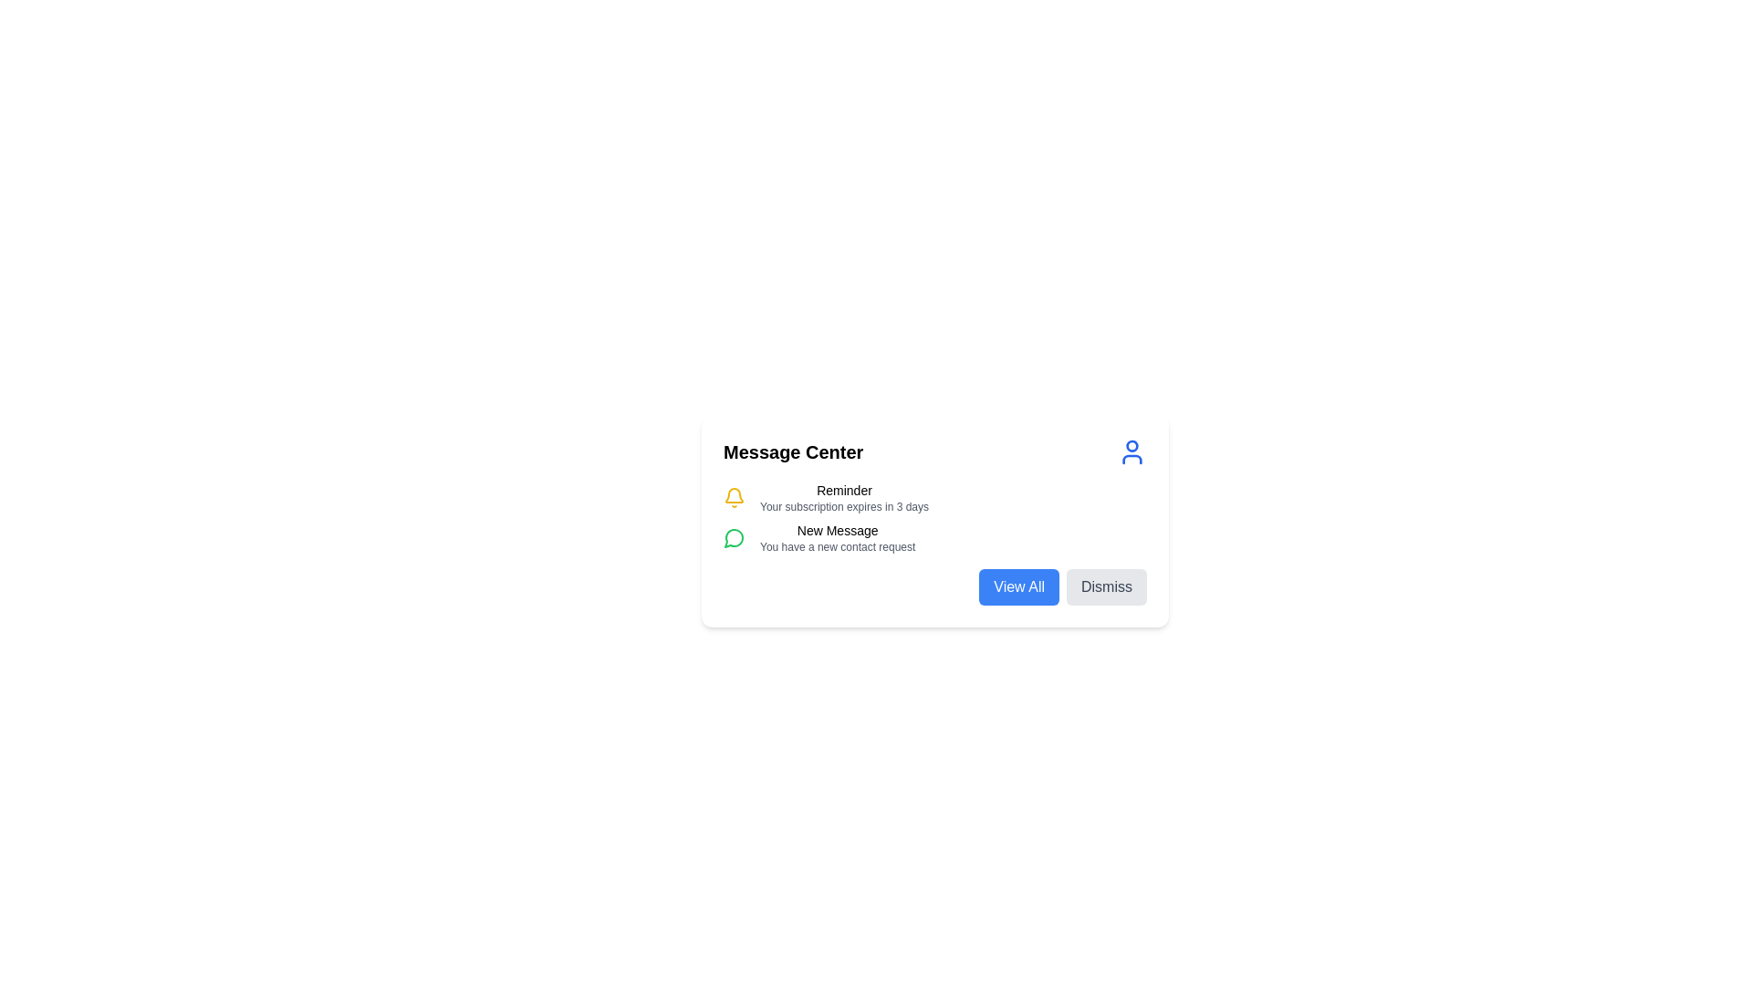 The height and width of the screenshot is (985, 1752). What do you see at coordinates (734, 537) in the screenshot?
I see `the notification icon located to the left of the 'Message Center' text, which serves as a symbolic representation for notifications` at bounding box center [734, 537].